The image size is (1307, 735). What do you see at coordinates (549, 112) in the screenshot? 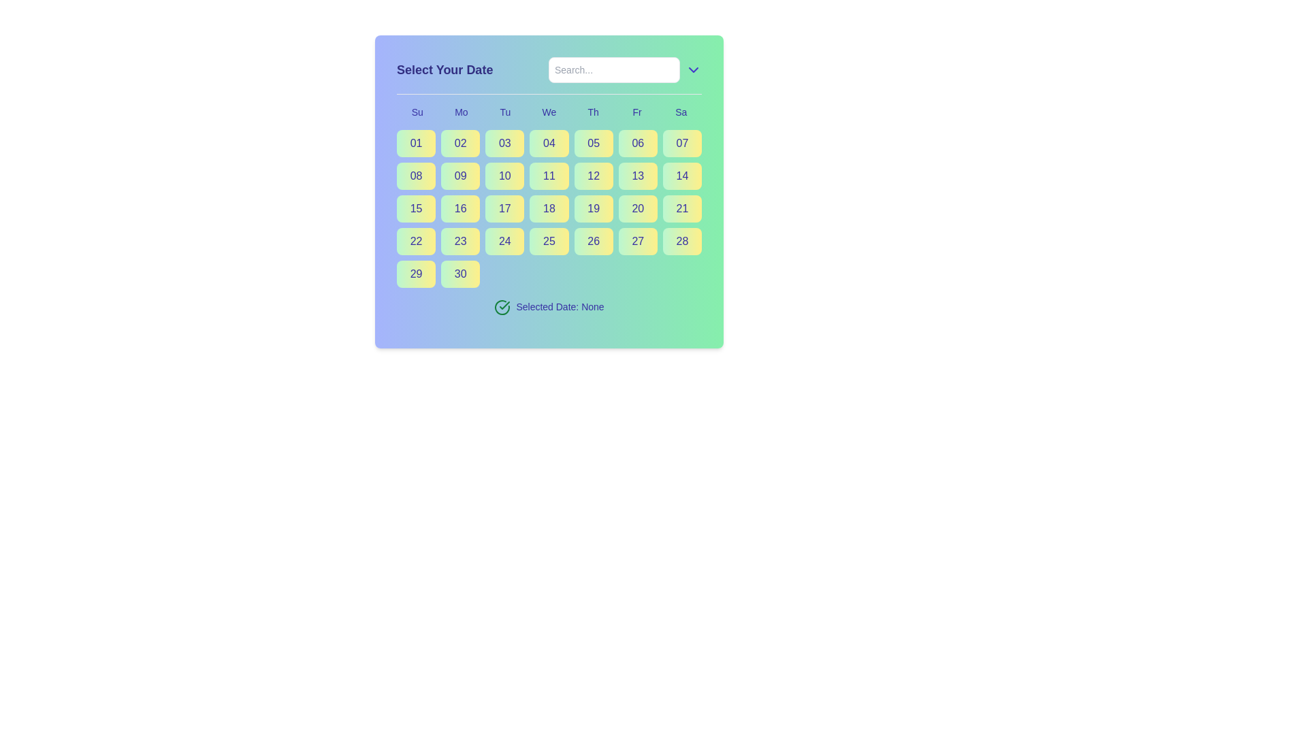
I see `the static textual header displaying the abbreviations of the days of the week, which is located centrally beneath the title 'Select Your Date' and above the calendar grid` at bounding box center [549, 112].